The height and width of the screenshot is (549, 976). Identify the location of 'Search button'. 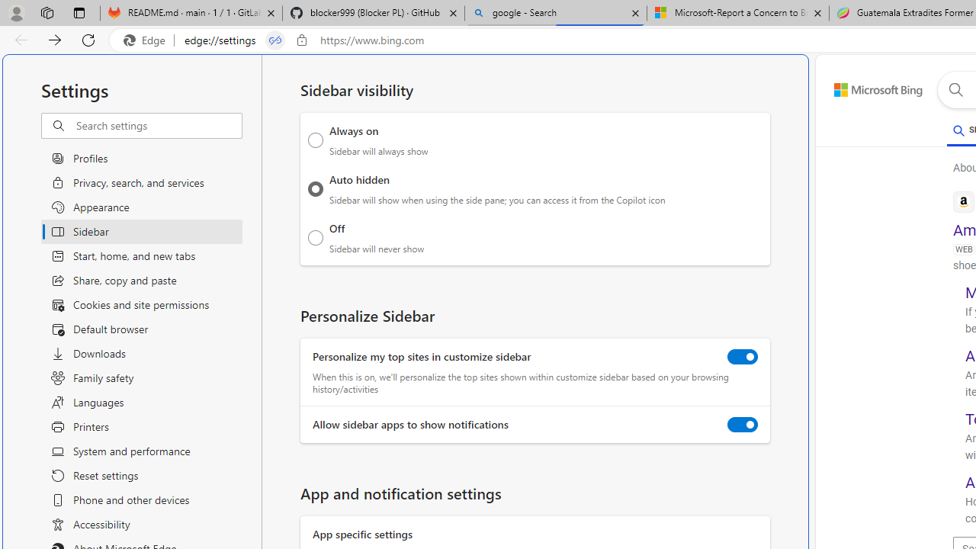
(955, 90).